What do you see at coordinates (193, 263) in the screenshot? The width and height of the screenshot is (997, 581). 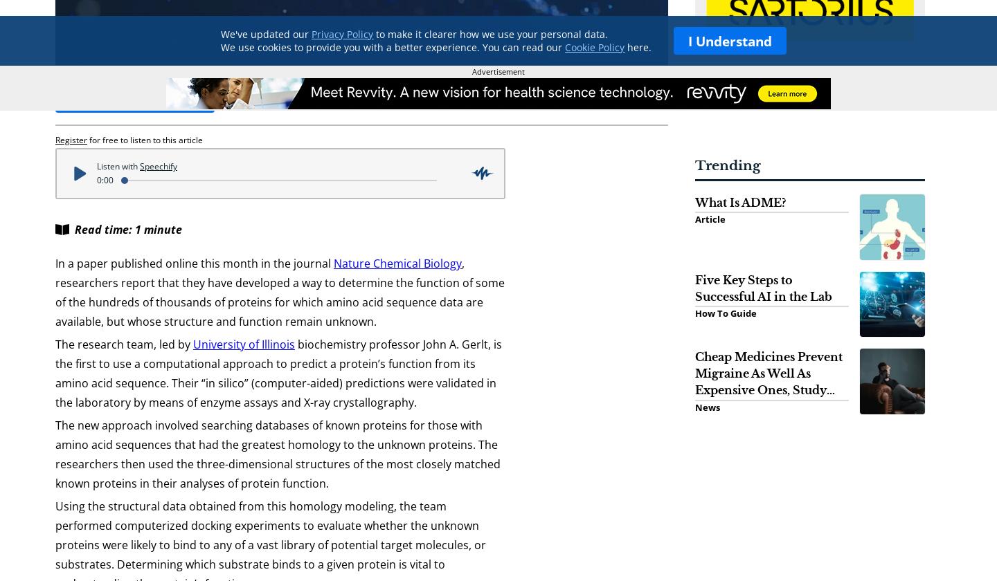 I see `'In a paper published online this month in the journal'` at bounding box center [193, 263].